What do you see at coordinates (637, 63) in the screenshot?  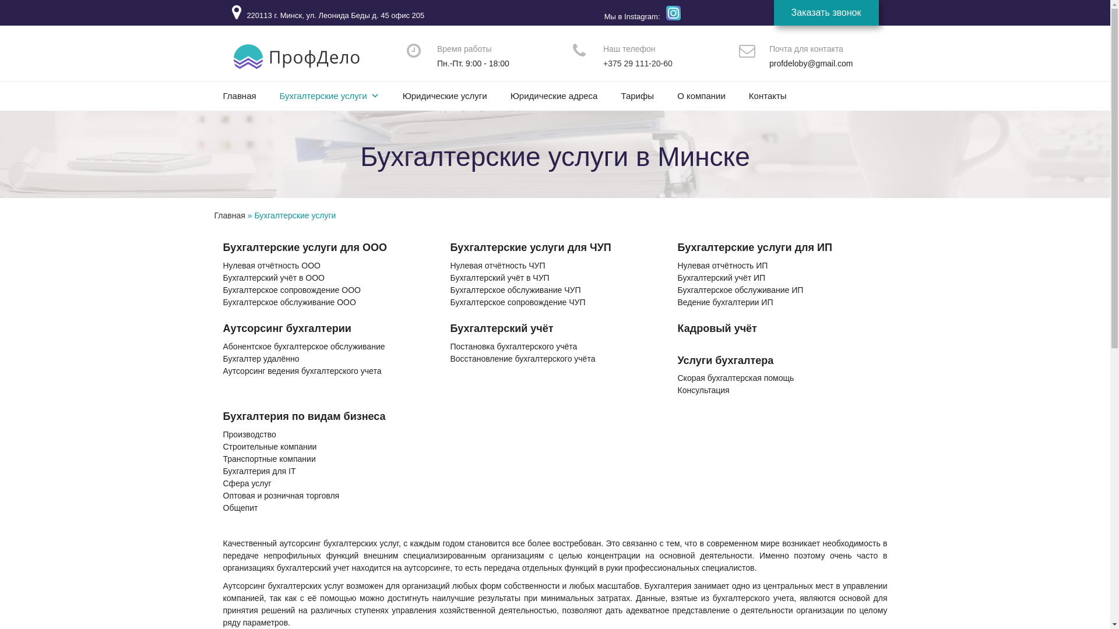 I see `'+375 29 111-20-60'` at bounding box center [637, 63].